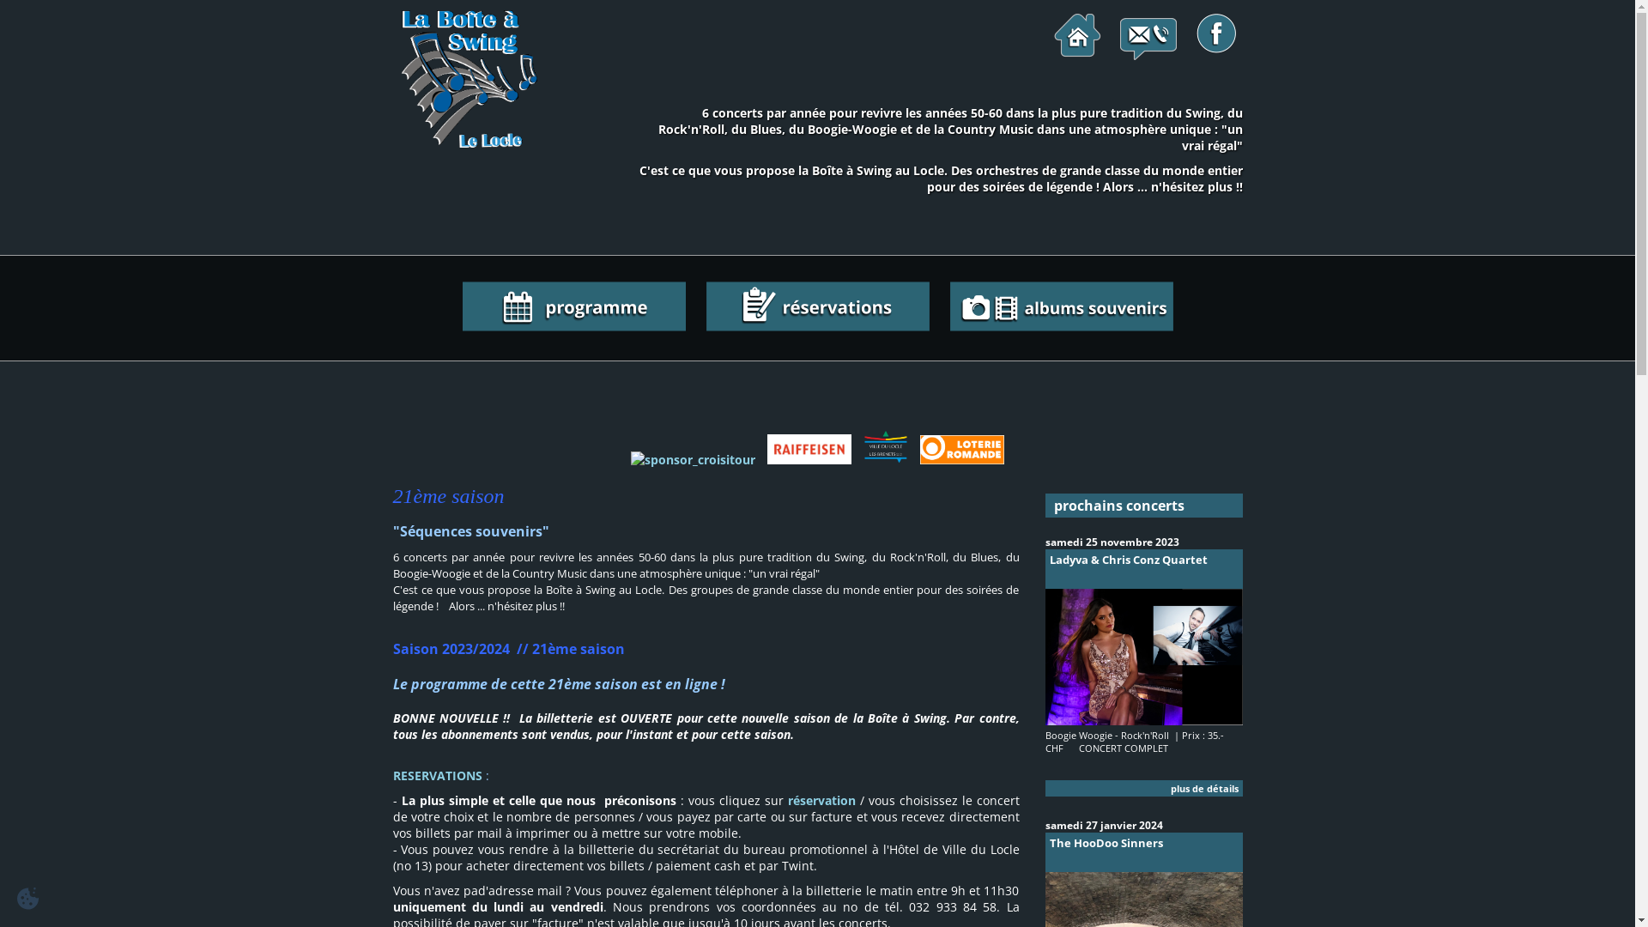 The width and height of the screenshot is (1648, 927). Describe the element at coordinates (461, 306) in the screenshot. I see `'le programme de la saison'` at that location.